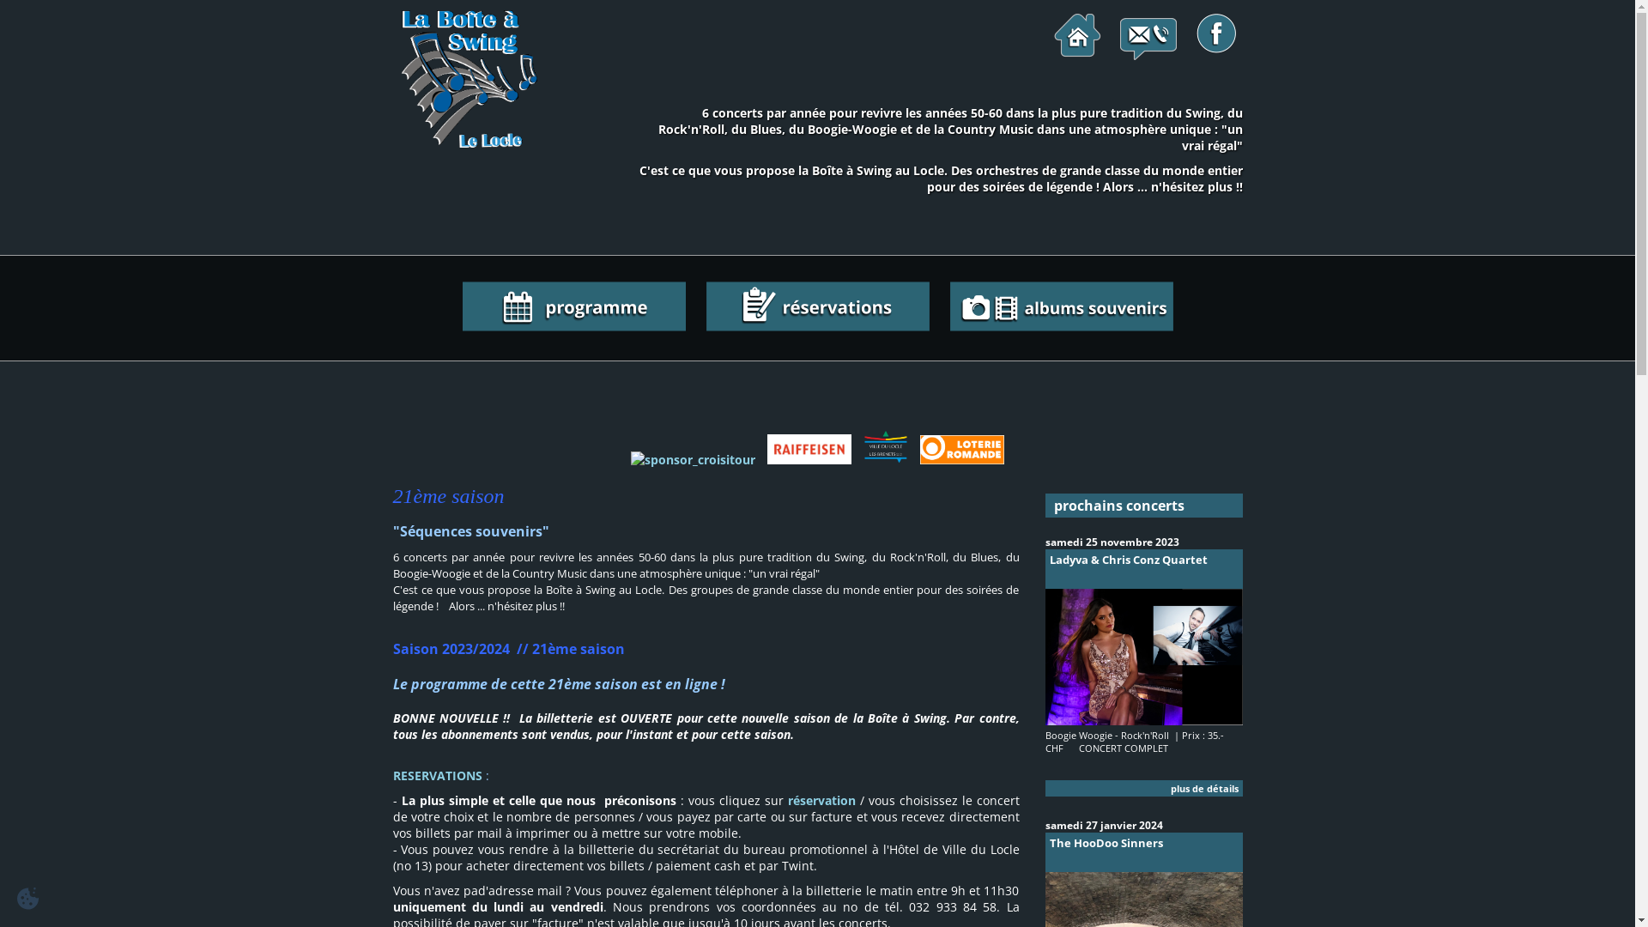 The width and height of the screenshot is (1648, 927). Describe the element at coordinates (461, 306) in the screenshot. I see `'le programme de la saison'` at that location.